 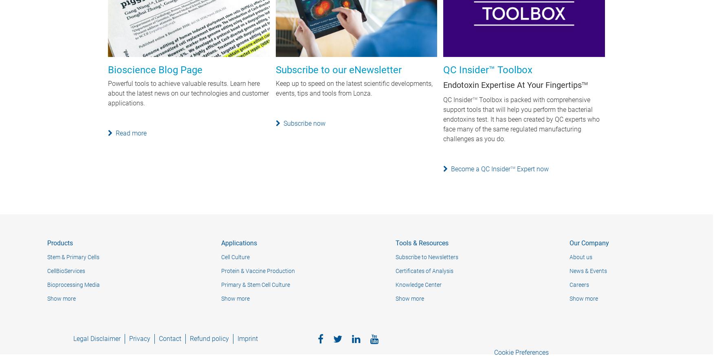 I want to click on 'About us', so click(x=581, y=257).